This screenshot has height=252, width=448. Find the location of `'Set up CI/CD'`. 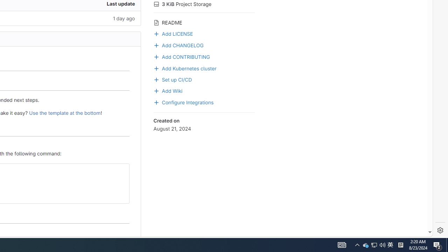

'Set up CI/CD' is located at coordinates (204, 79).